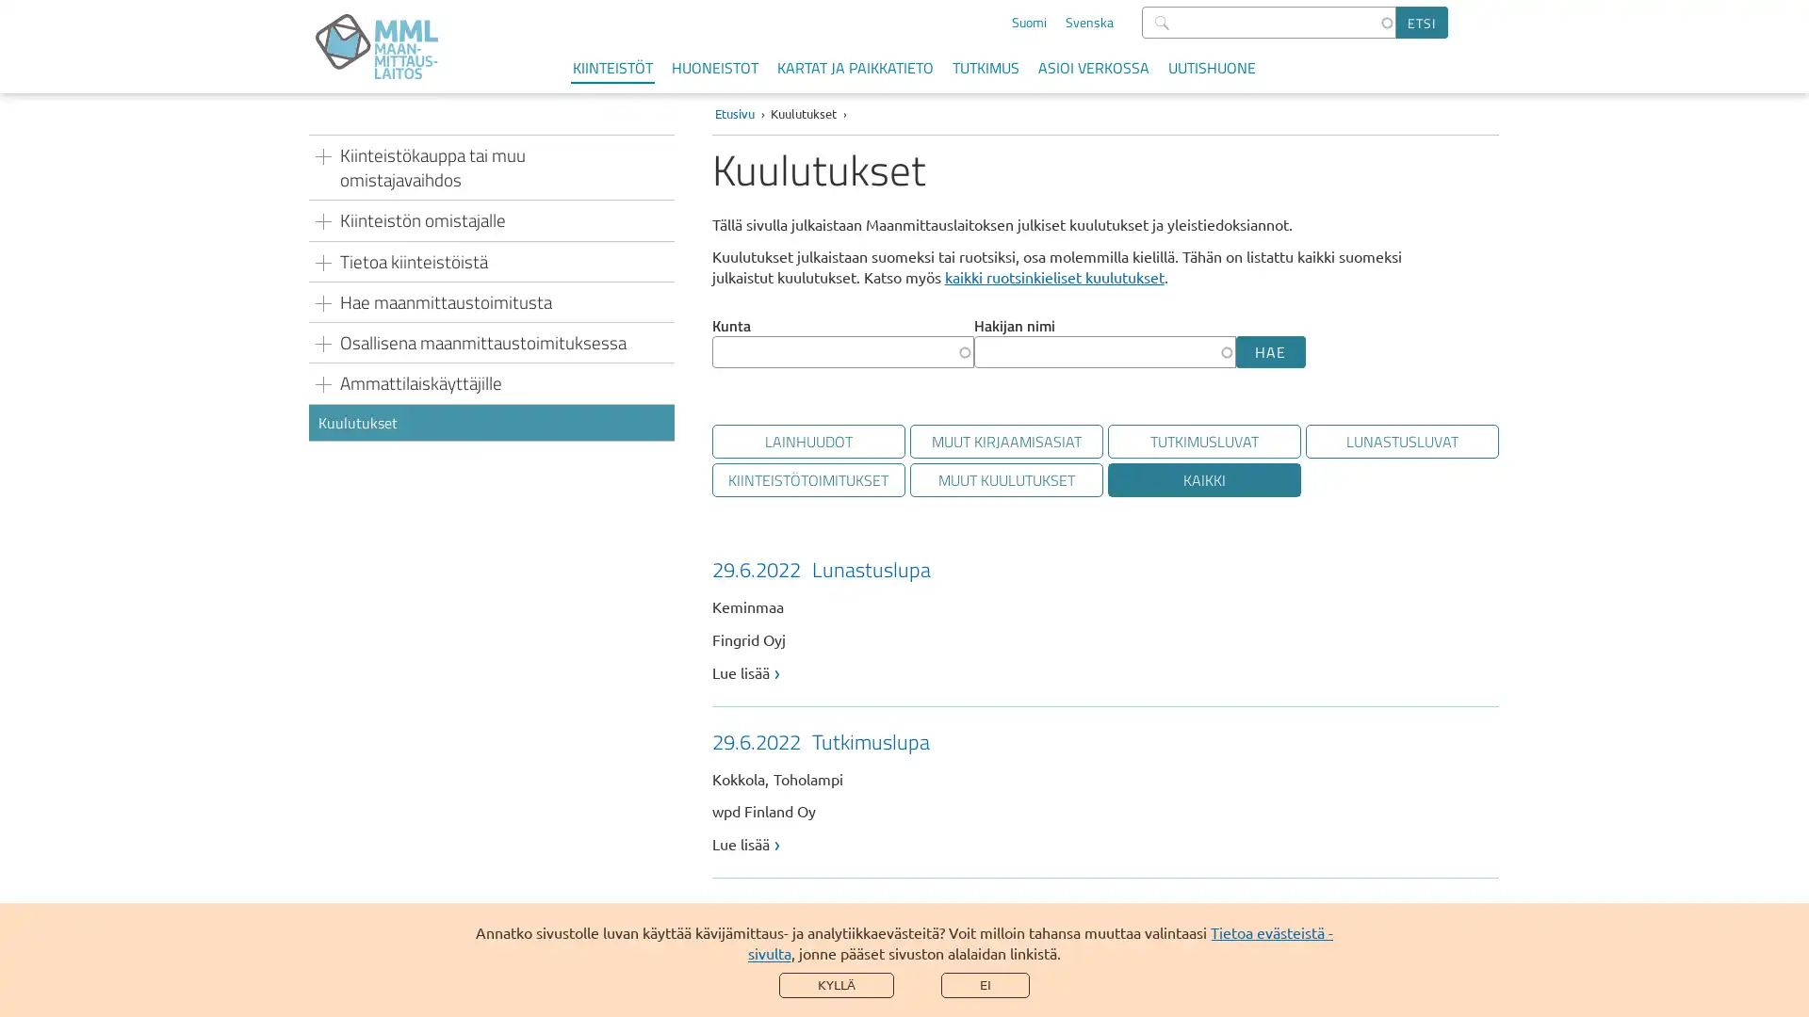 This screenshot has height=1017, width=1809. Describe the element at coordinates (985, 984) in the screenshot. I see `EI` at that location.